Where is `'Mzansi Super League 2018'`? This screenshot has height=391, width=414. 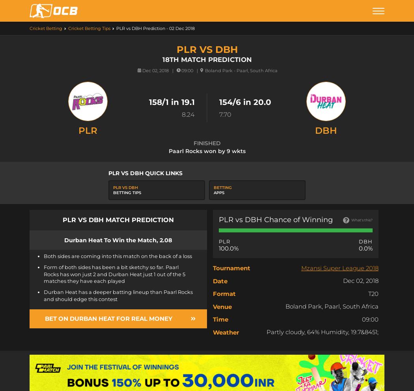
'Mzansi Super League 2018' is located at coordinates (340, 268).